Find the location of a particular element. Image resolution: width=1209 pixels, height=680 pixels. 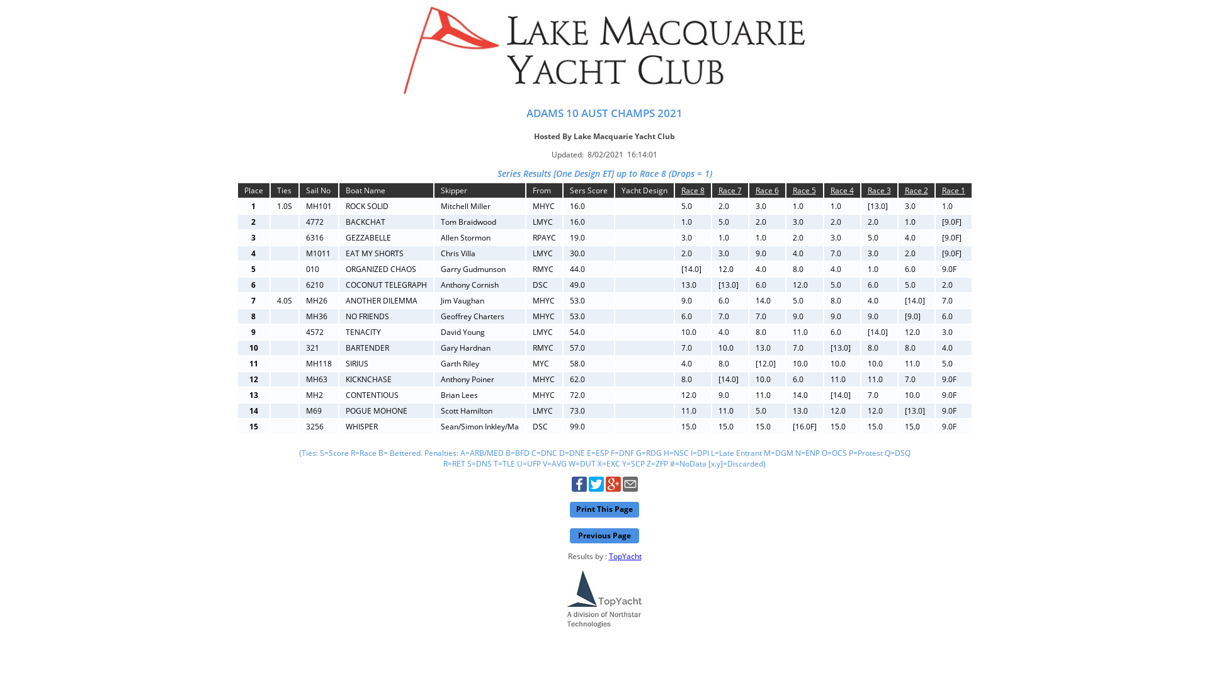

'Race 8' is located at coordinates (692, 190).